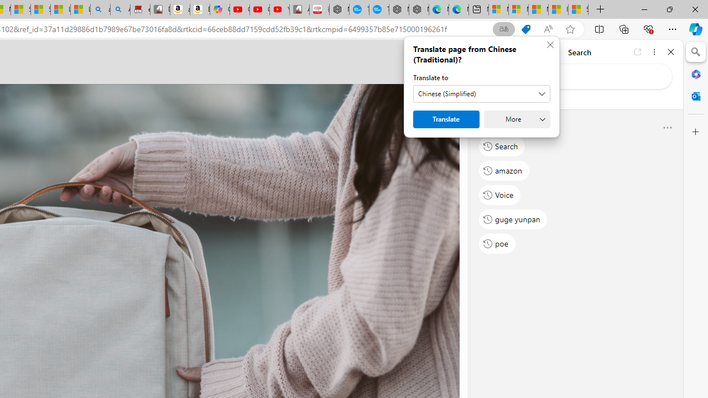  I want to click on 'Nordace - Nordace has arrived Hong Kong', so click(418, 9).